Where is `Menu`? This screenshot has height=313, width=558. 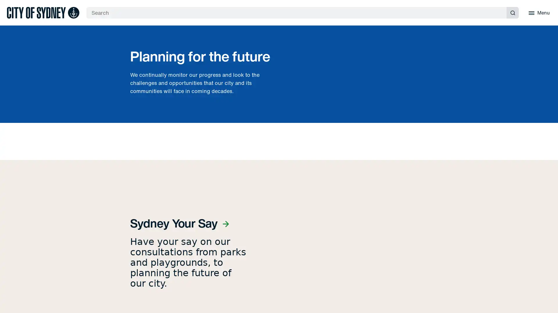 Menu is located at coordinates (538, 12).